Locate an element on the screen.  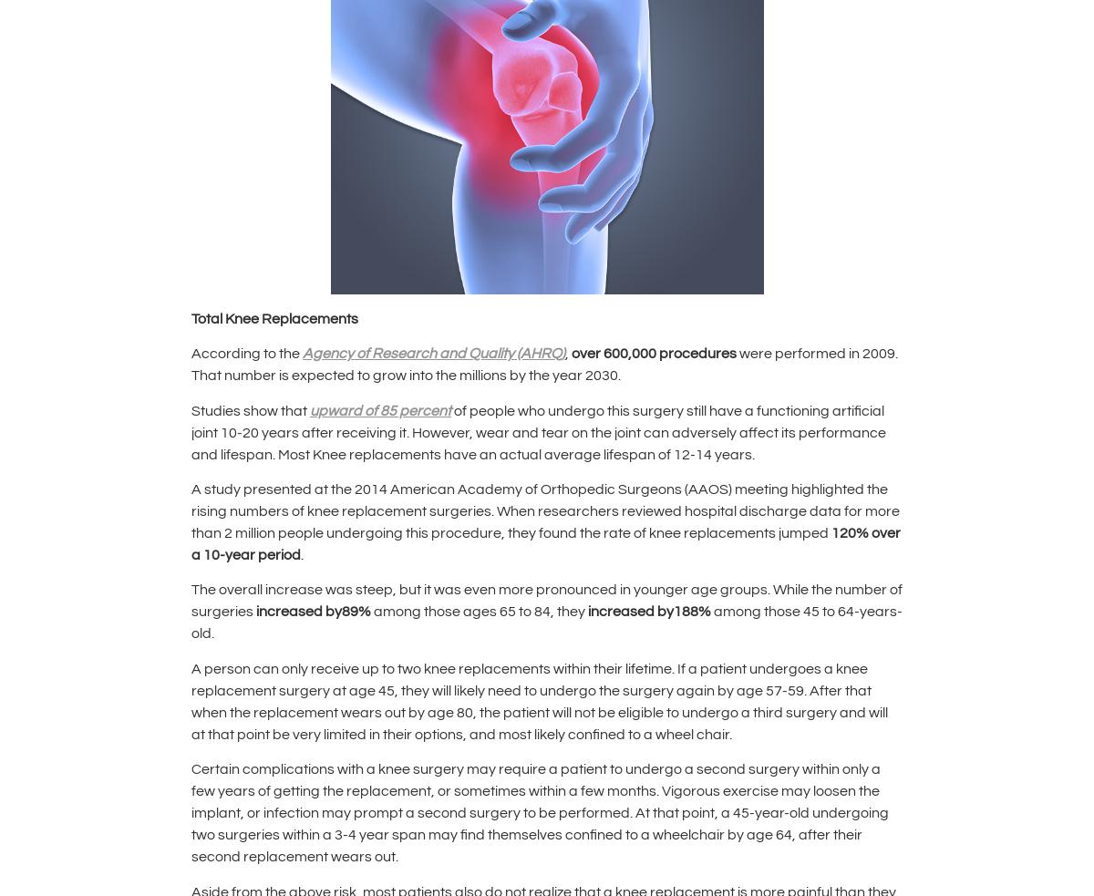
'Total Knee Replacements' is located at coordinates (274, 316).